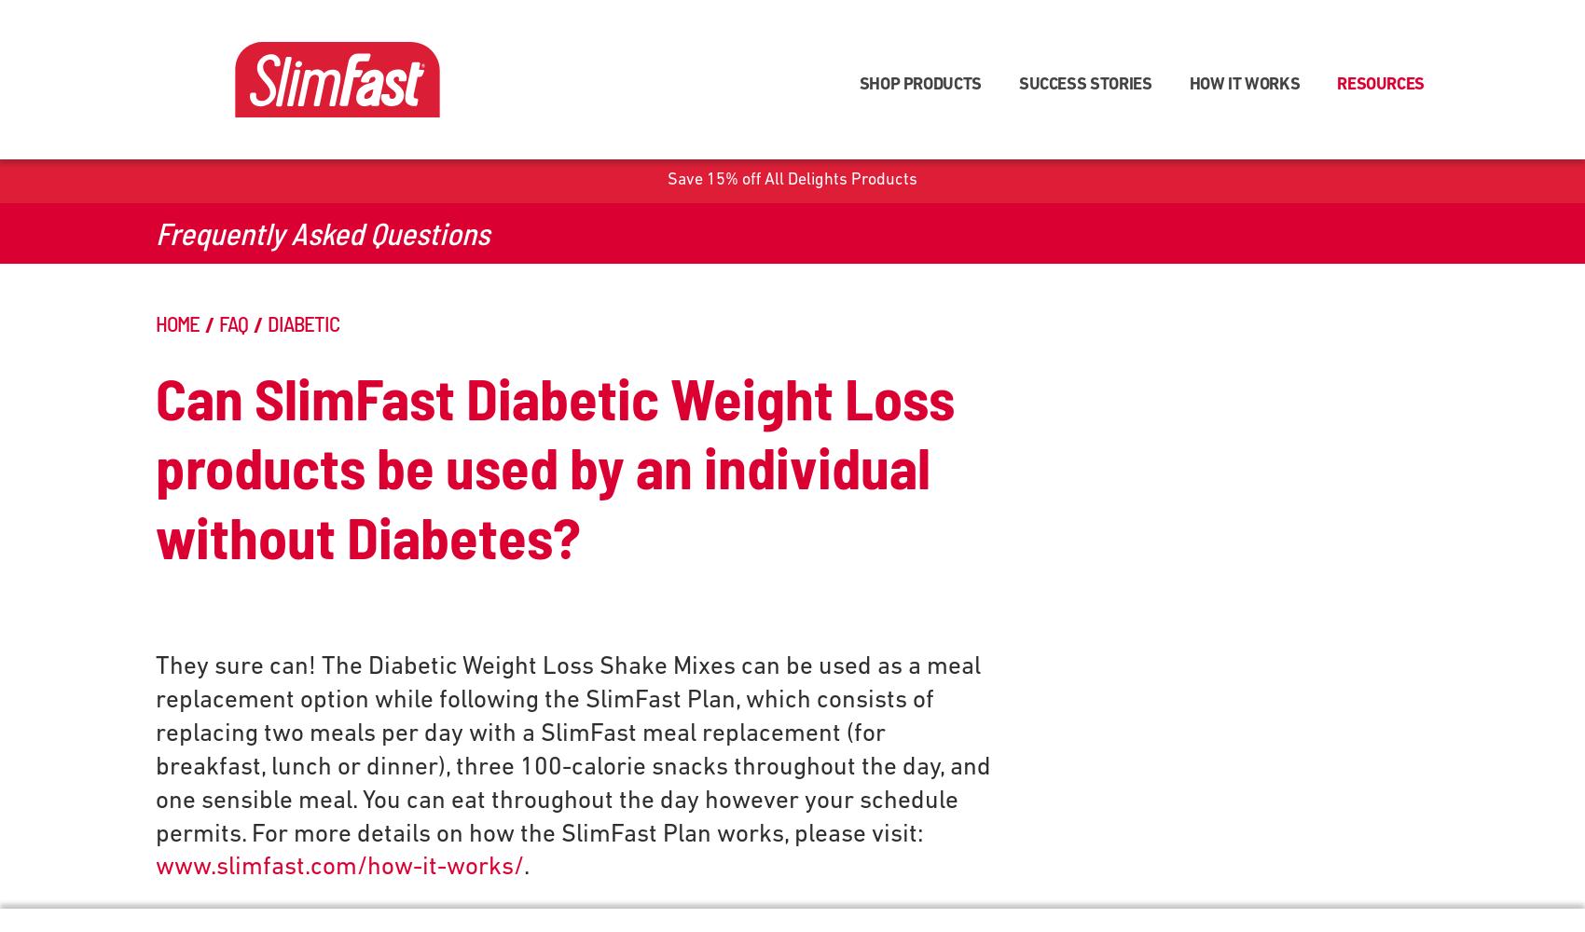 The height and width of the screenshot is (932, 1585). I want to click on 'Can SlimFast Diabetic Weight Loss products be used by an individual without Diabetes?', so click(554, 464).